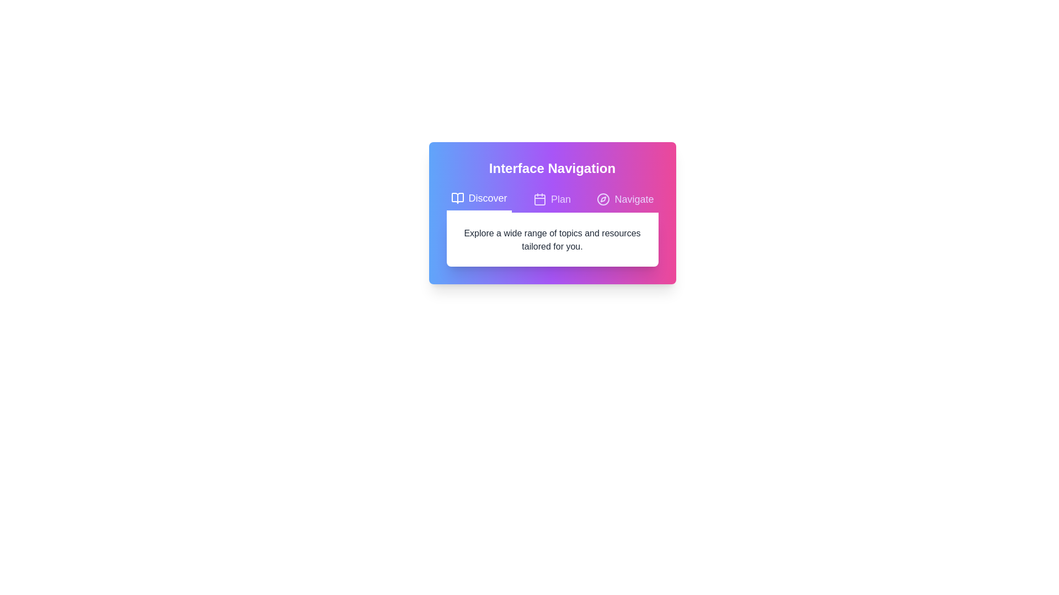 The image size is (1059, 595). I want to click on the text label within the first tab of the horizontal navigation bar, so click(487, 197).